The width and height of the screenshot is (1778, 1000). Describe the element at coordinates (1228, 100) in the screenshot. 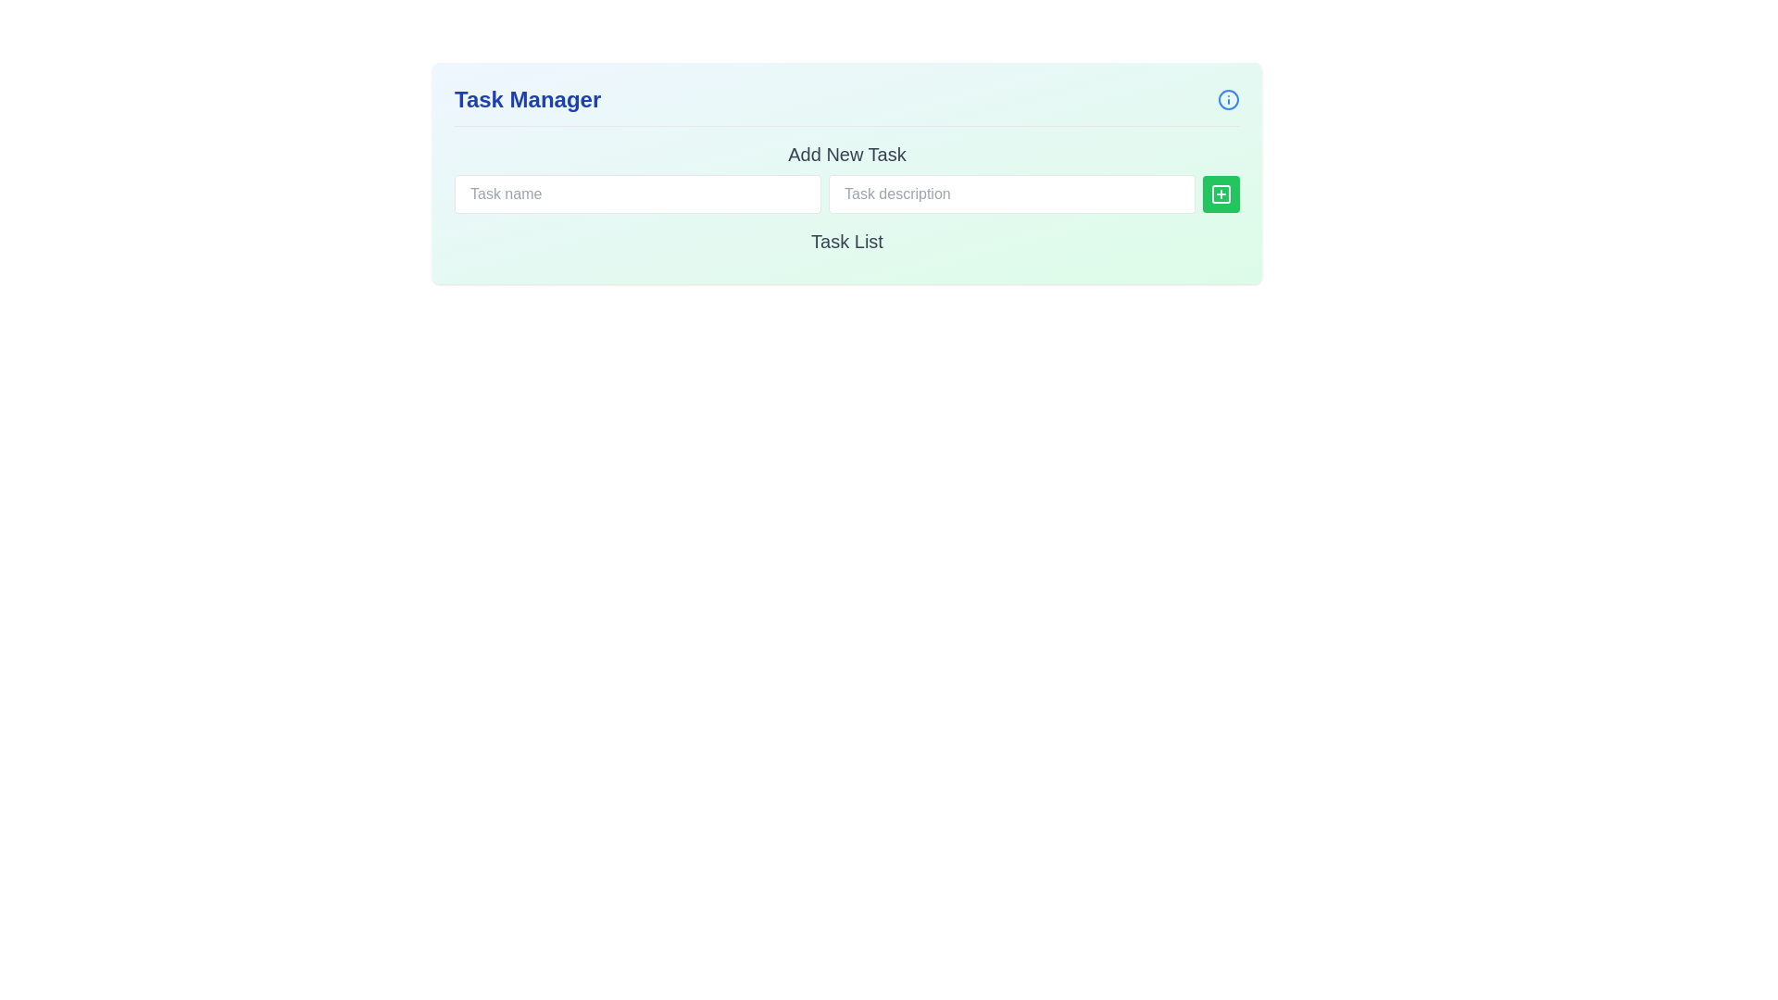

I see `the graphical circle element located in the top-right area of the application interface` at that location.